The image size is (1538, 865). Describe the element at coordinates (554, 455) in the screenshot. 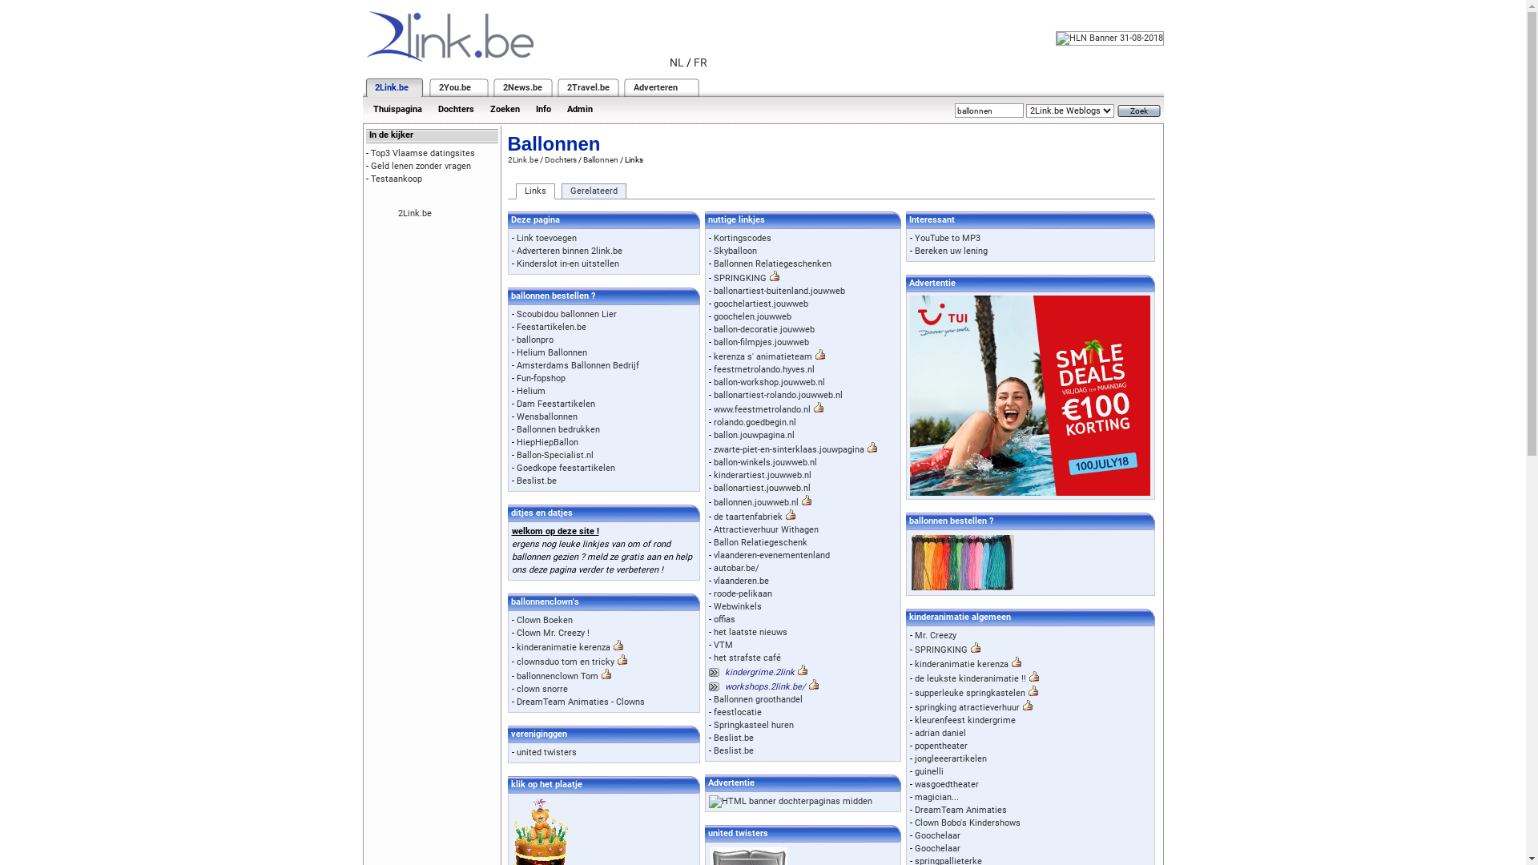

I see `'Ballon-Specialist.nl'` at that location.